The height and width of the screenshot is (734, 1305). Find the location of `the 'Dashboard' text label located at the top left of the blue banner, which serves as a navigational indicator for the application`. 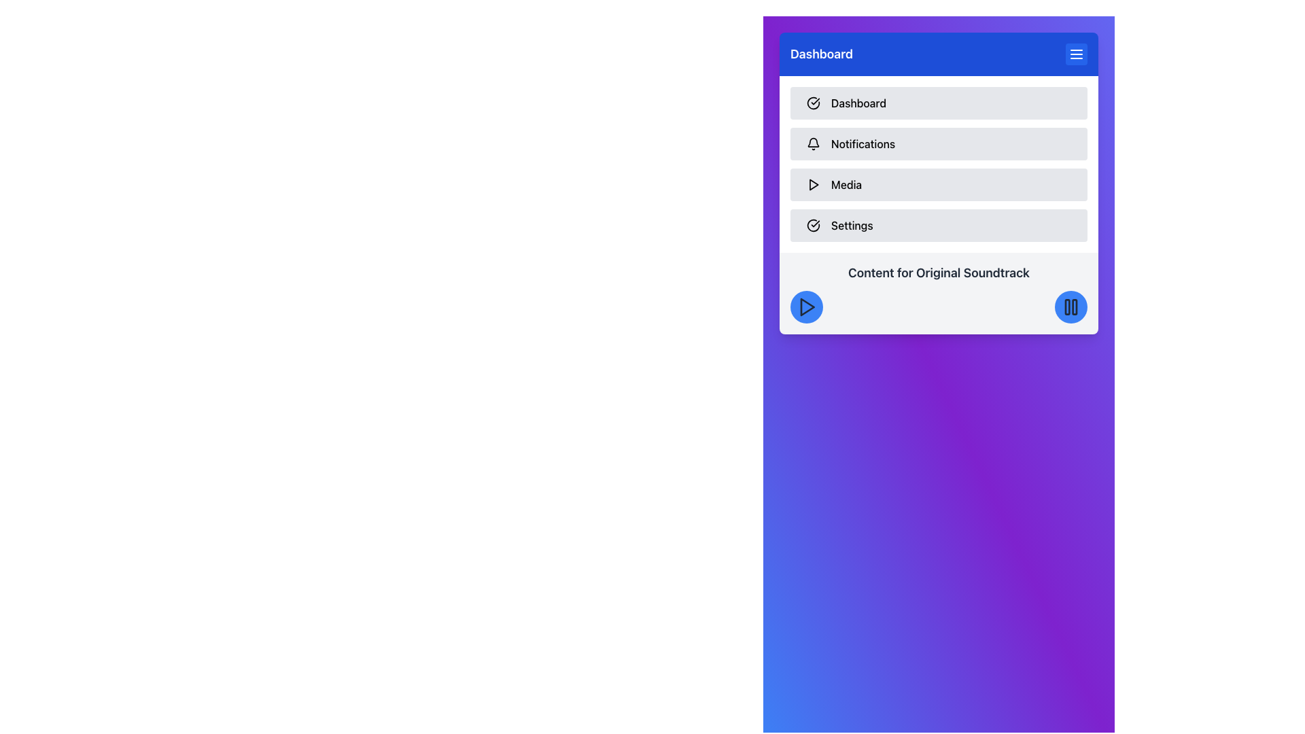

the 'Dashboard' text label located at the top left of the blue banner, which serves as a navigational indicator for the application is located at coordinates (821, 54).